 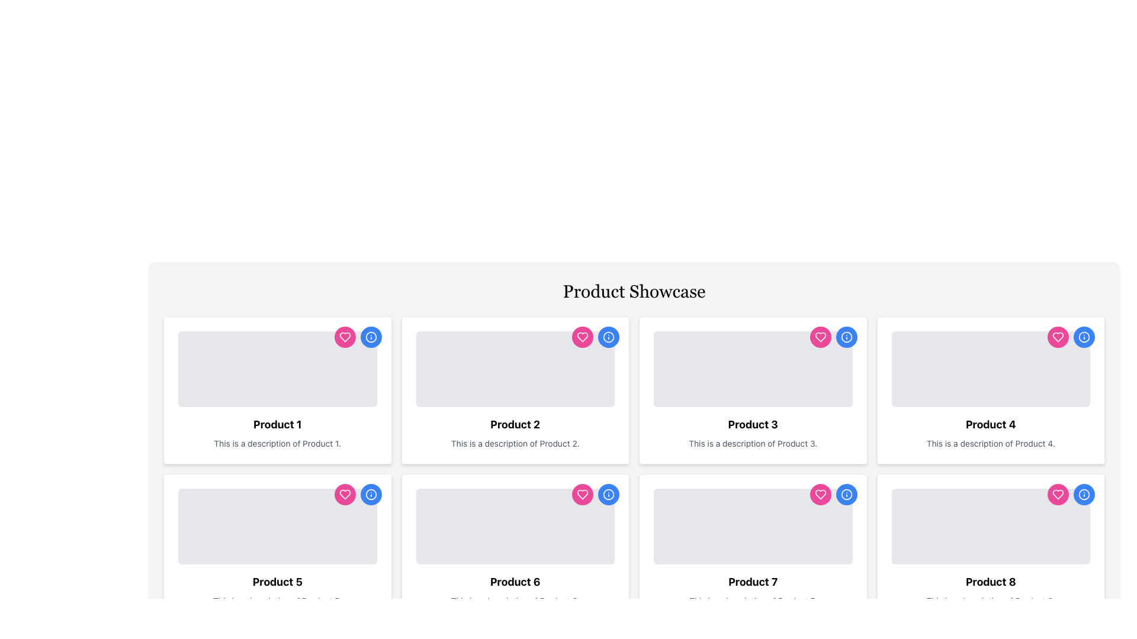 What do you see at coordinates (846, 337) in the screenshot?
I see `the informational action button located at the top-right corner of the 'Product 4' card` at bounding box center [846, 337].